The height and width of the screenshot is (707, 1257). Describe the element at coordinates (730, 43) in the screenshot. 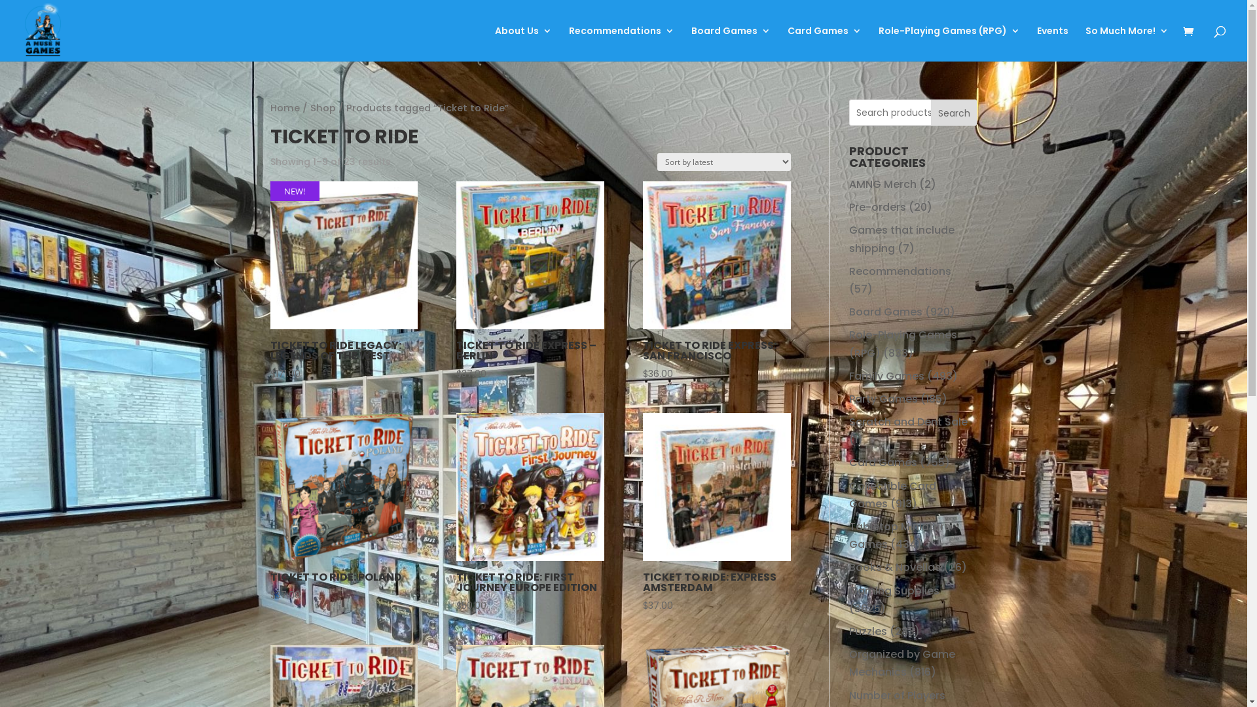

I see `'Board Games'` at that location.